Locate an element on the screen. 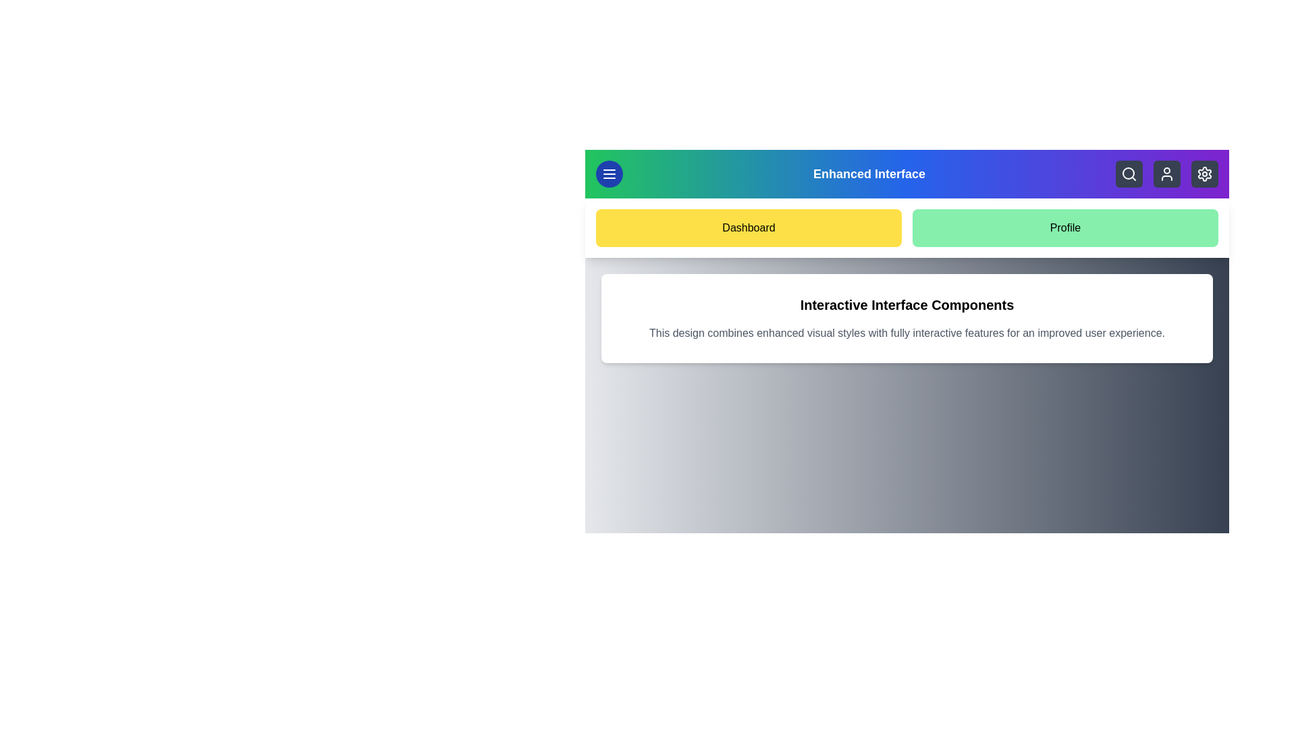 Image resolution: width=1296 pixels, height=729 pixels. the 'Dashboard' button to navigate to the Dashboard section is located at coordinates (748, 227).